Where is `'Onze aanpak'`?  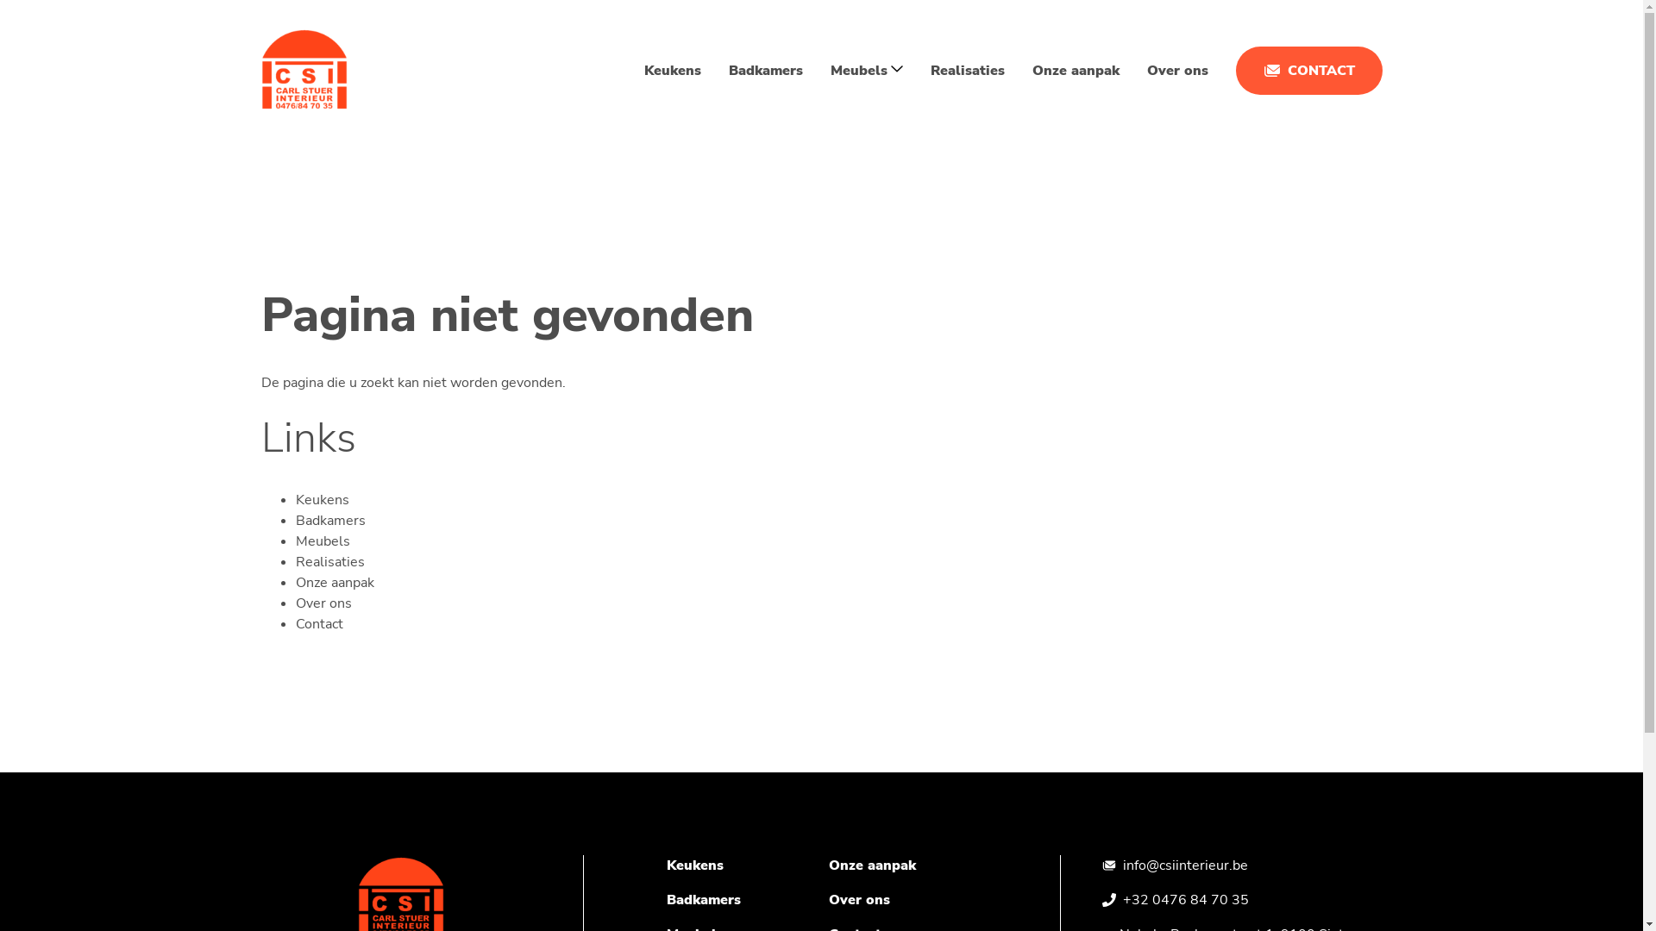 'Onze aanpak' is located at coordinates (1074, 69).